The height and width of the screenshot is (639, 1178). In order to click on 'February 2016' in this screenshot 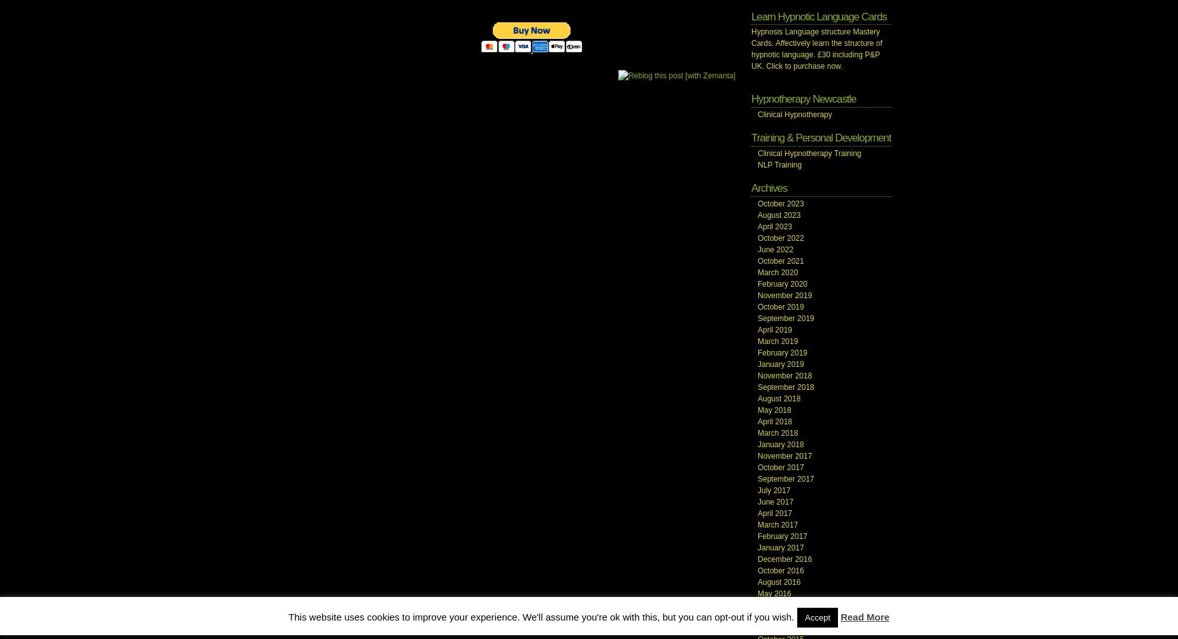, I will do `click(781, 615)`.